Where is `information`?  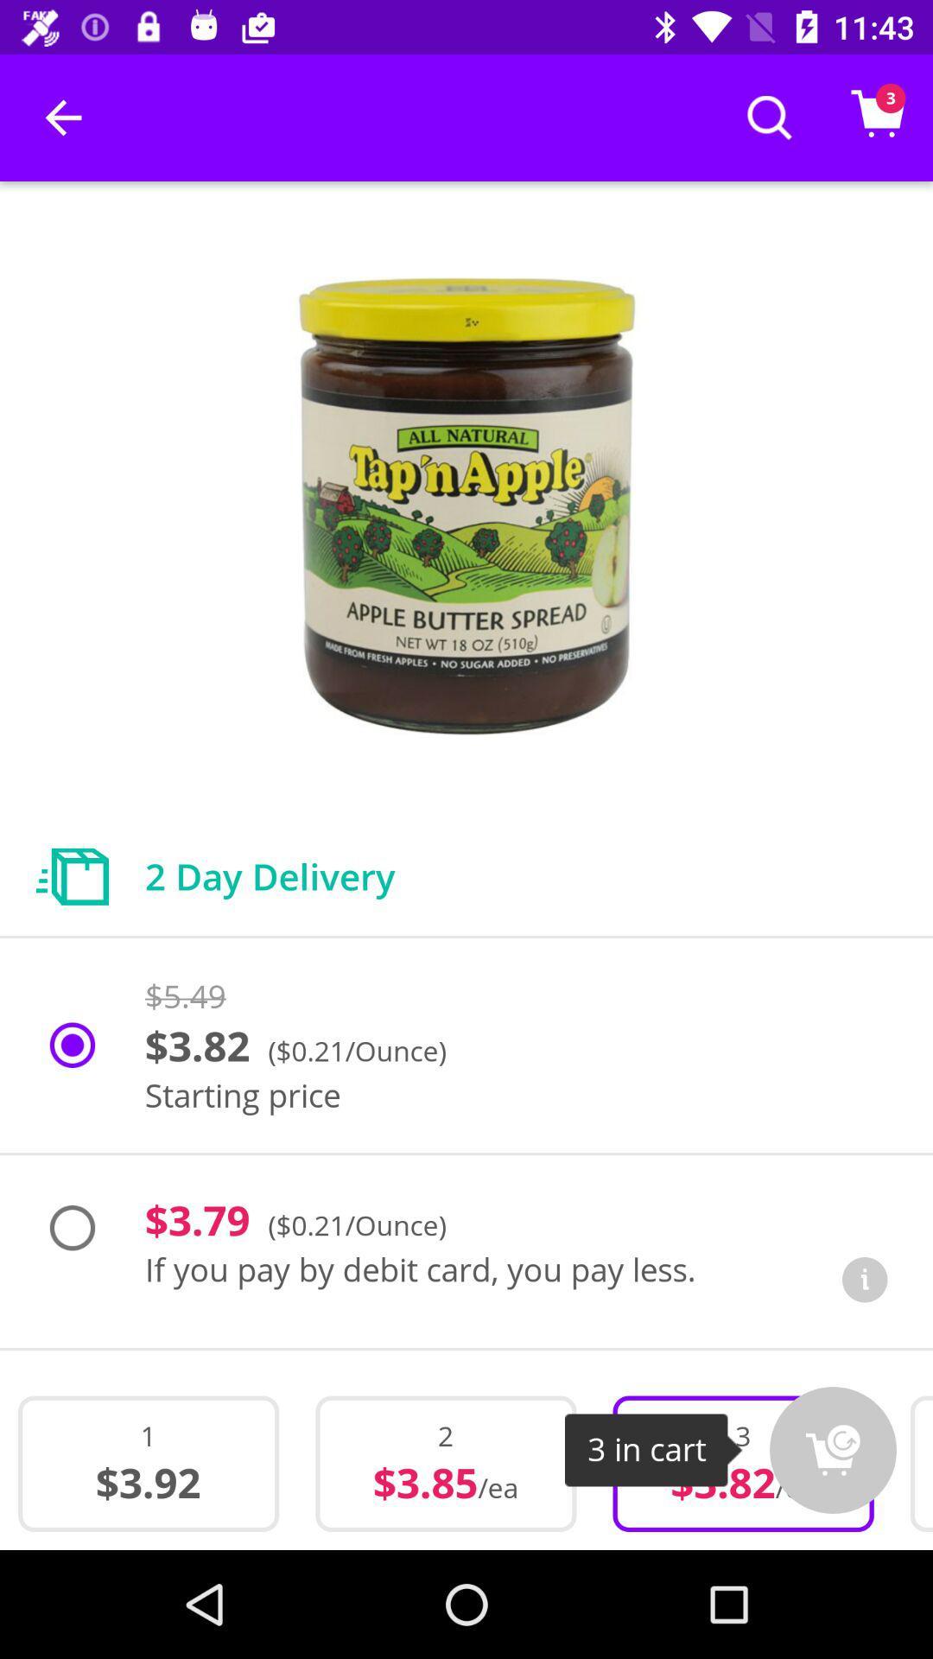 information is located at coordinates (865, 1280).